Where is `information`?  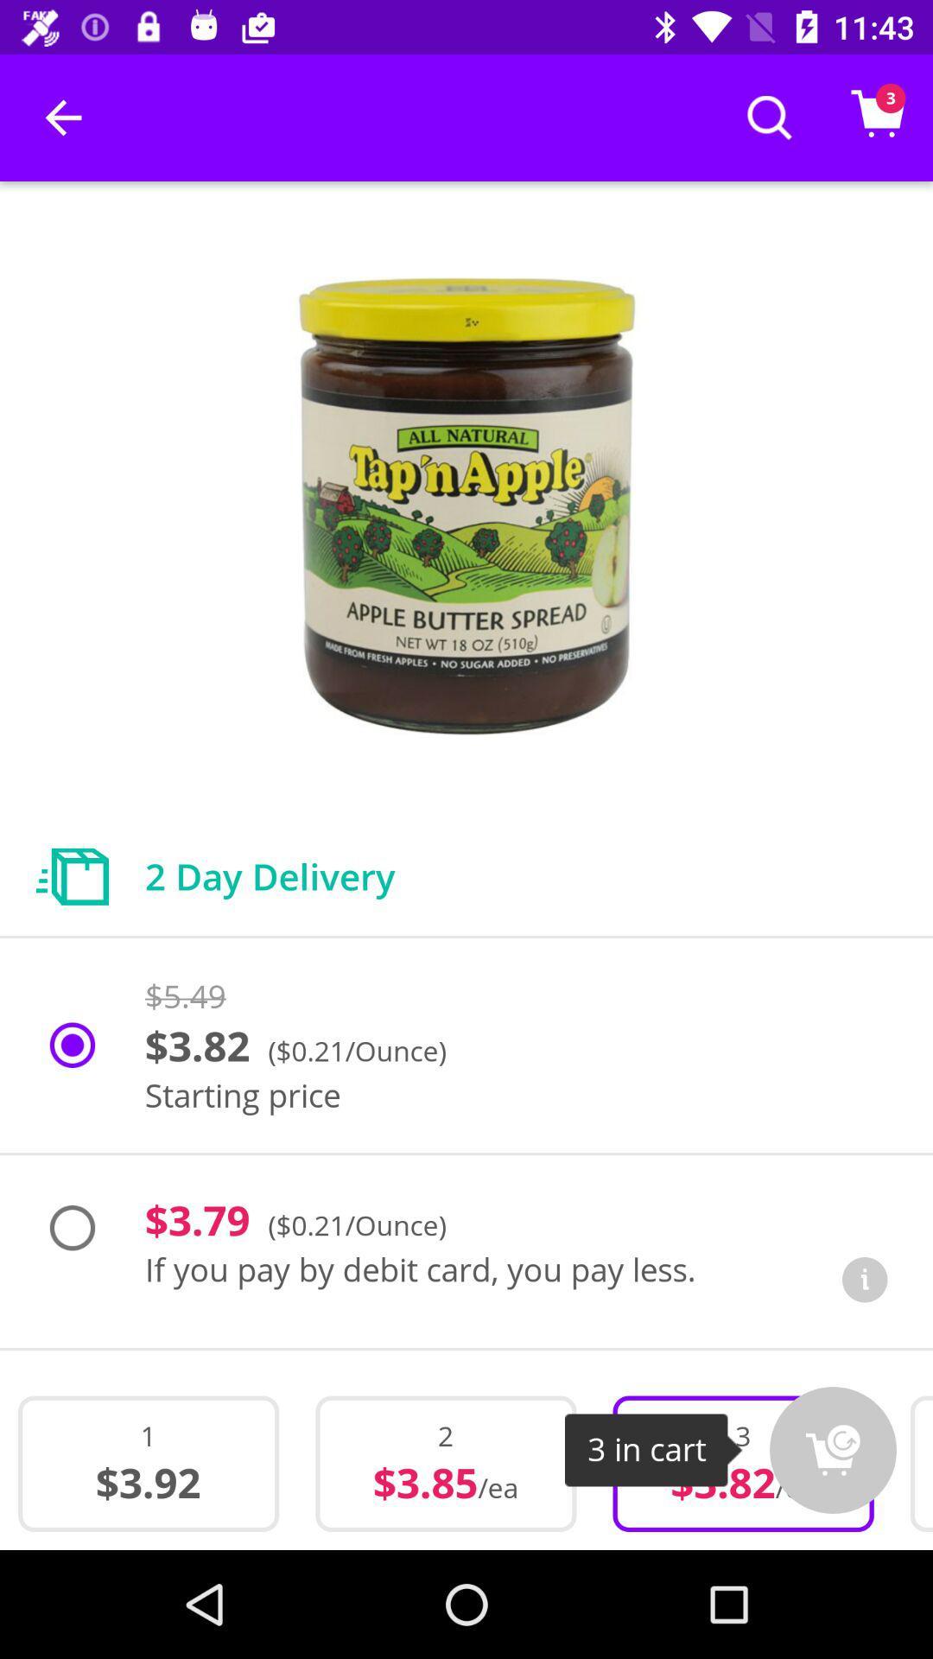 information is located at coordinates (865, 1280).